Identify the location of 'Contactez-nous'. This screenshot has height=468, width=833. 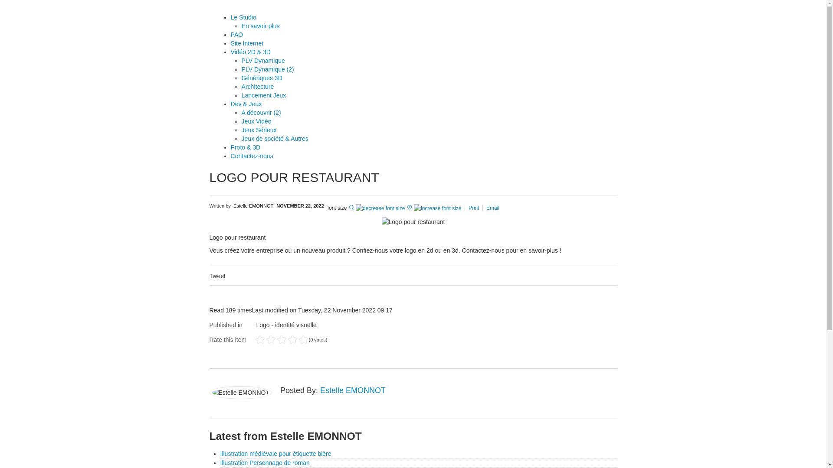
(251, 155).